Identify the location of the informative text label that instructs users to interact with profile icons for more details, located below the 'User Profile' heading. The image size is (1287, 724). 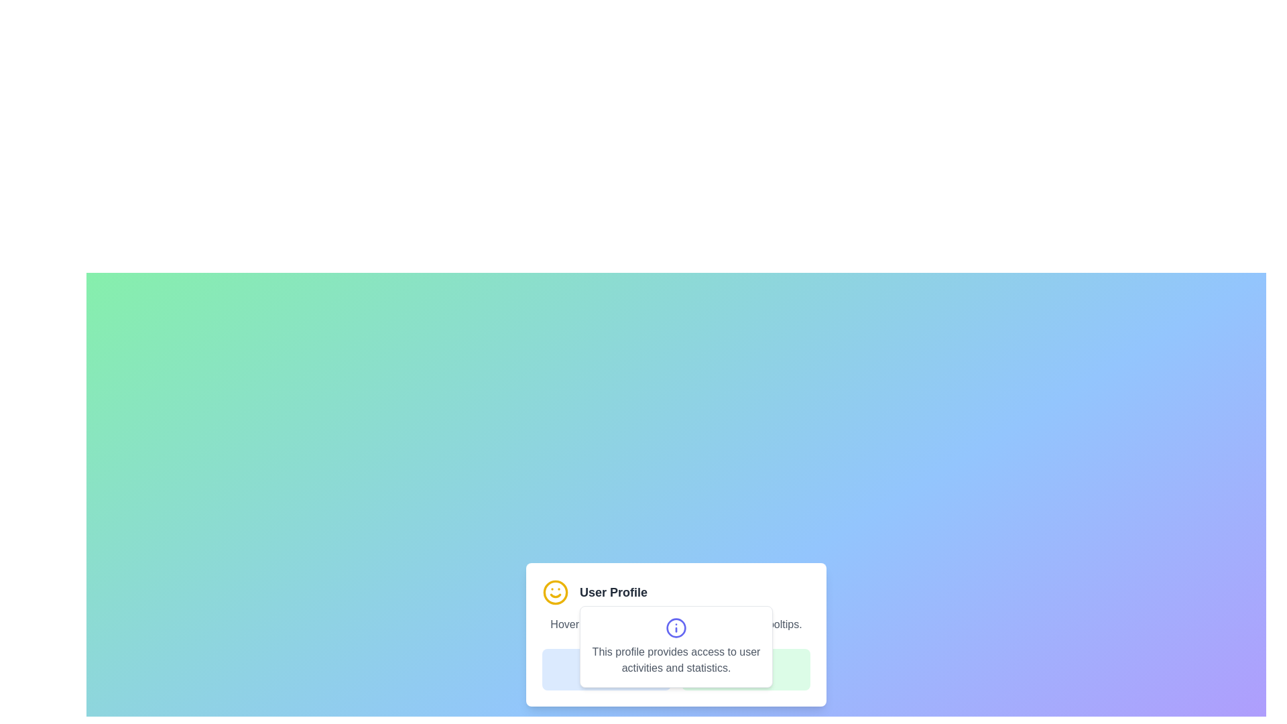
(676, 625).